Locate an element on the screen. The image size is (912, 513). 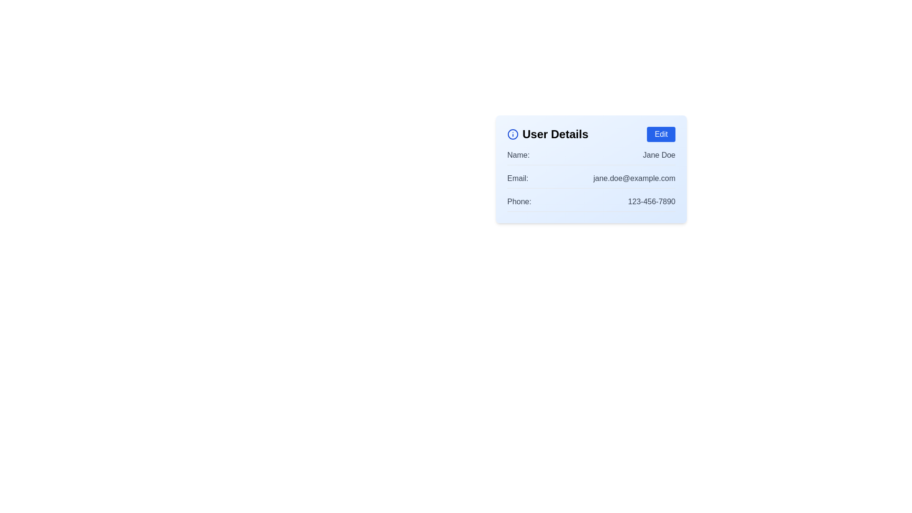
the static text label indicating the user's name, located at the top-left corner of the user details card, aligned with the 'Edit' button is located at coordinates (518, 155).